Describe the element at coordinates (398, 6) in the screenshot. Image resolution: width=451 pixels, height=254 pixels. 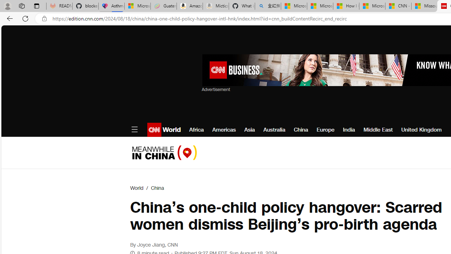
I see `'CNN - MSN'` at that location.